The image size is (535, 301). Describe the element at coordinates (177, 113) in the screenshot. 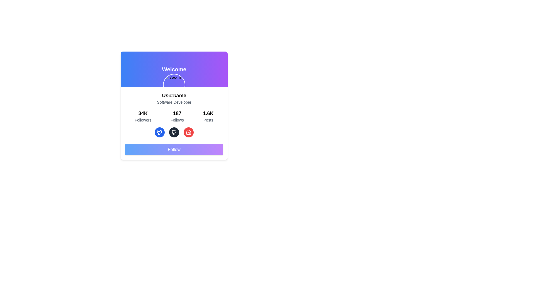

I see `the text display element showing '187 Follows', which is centrally located above the word 'Follows'` at that location.